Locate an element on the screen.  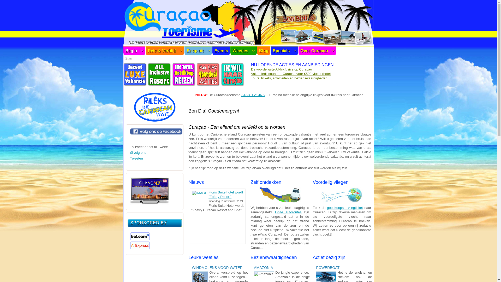
'Direct naar website AliExpress' is located at coordinates (140, 248).